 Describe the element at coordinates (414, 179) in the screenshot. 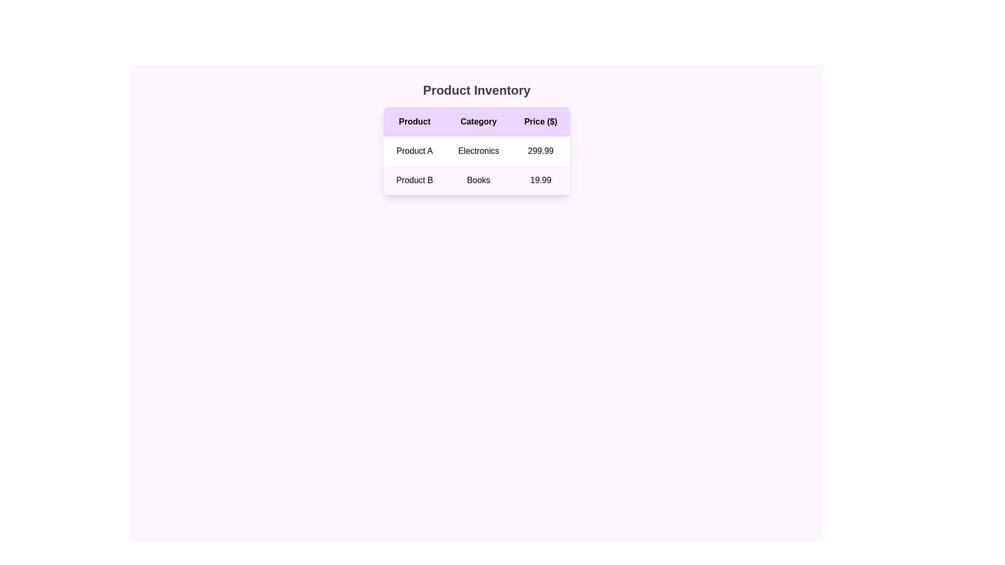

I see `the static text element displaying 'Product B' in the first column of the second row of the 'Product Inventory' table` at that location.